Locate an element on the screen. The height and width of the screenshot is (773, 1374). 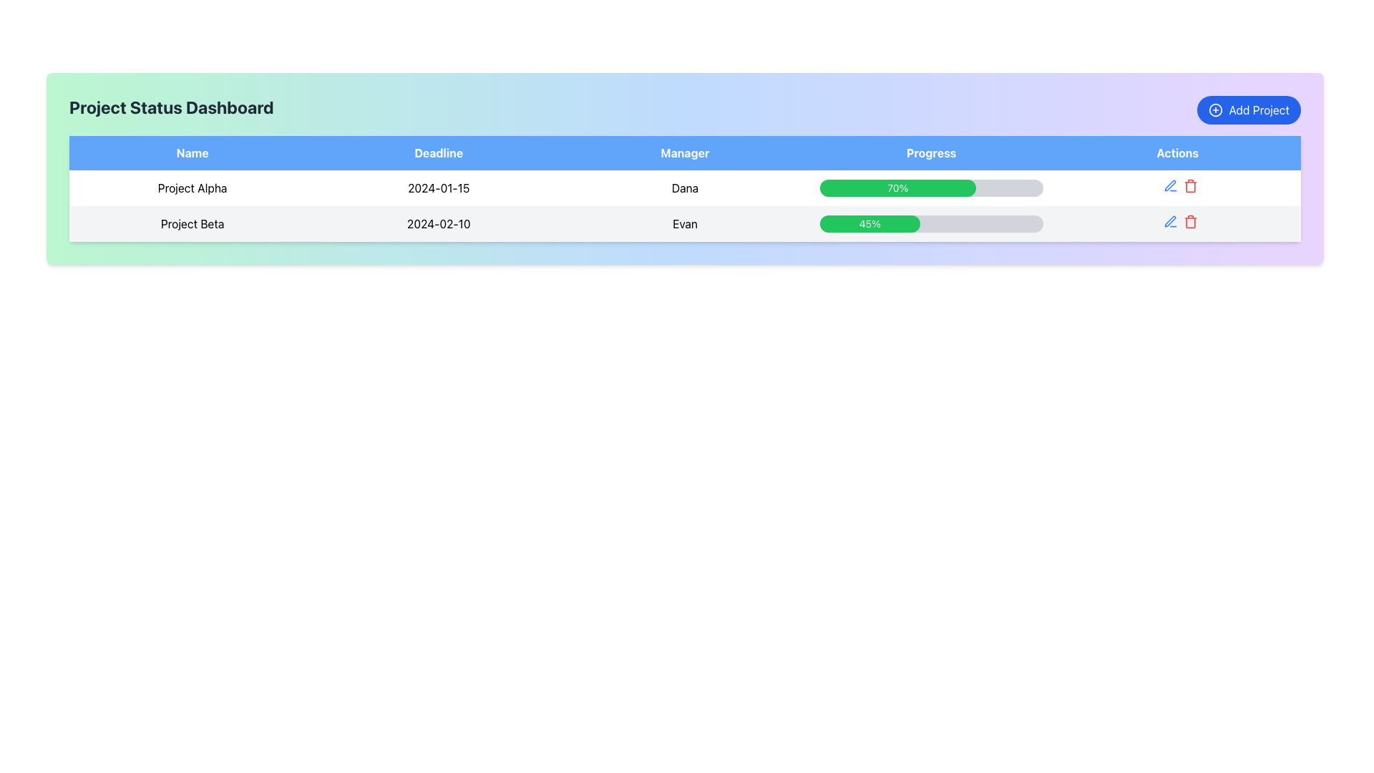
the 'Add New Project' button located at the top-right corner of the 'Project Status Dashboard' is located at coordinates (1248, 110).